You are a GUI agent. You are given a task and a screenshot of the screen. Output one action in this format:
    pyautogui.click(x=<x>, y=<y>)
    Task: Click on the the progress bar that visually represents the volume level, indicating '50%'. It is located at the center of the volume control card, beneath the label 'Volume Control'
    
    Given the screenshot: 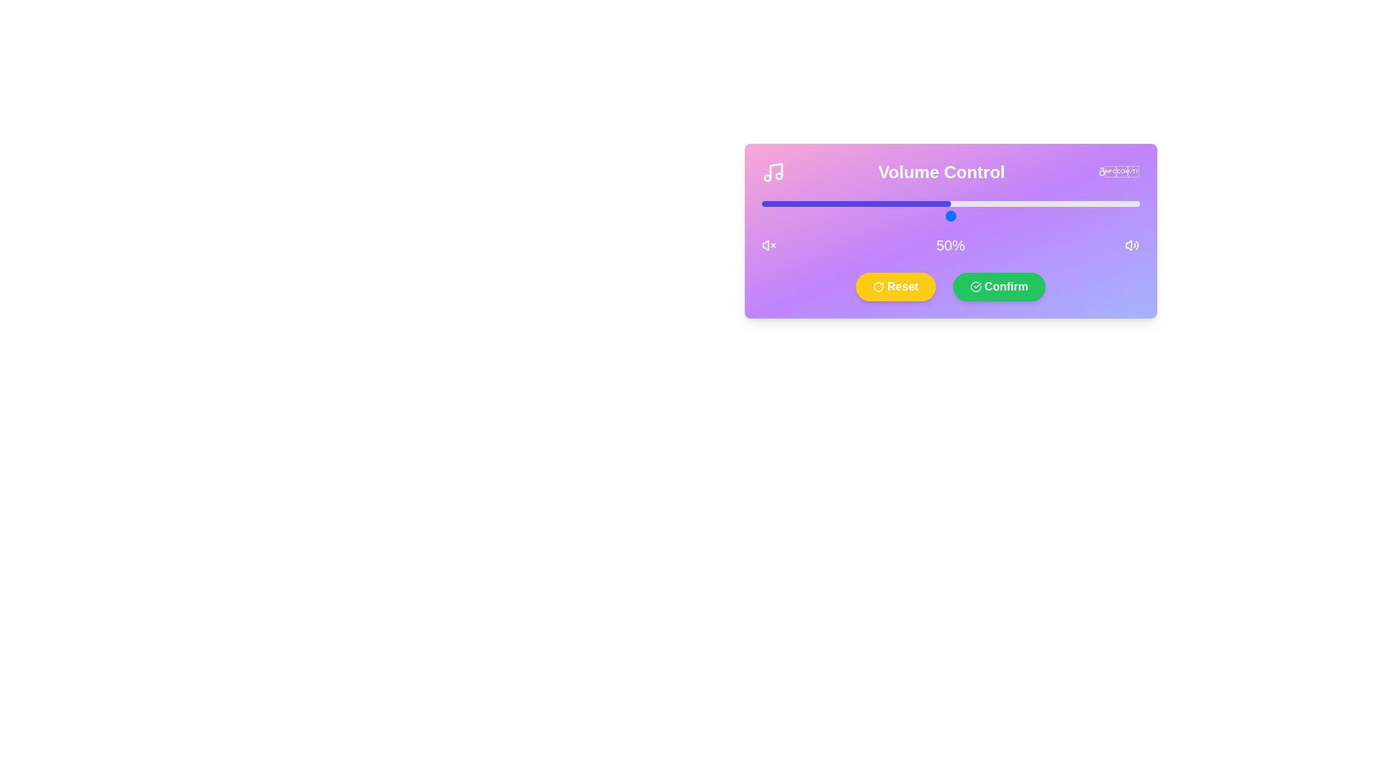 What is the action you would take?
    pyautogui.click(x=950, y=204)
    